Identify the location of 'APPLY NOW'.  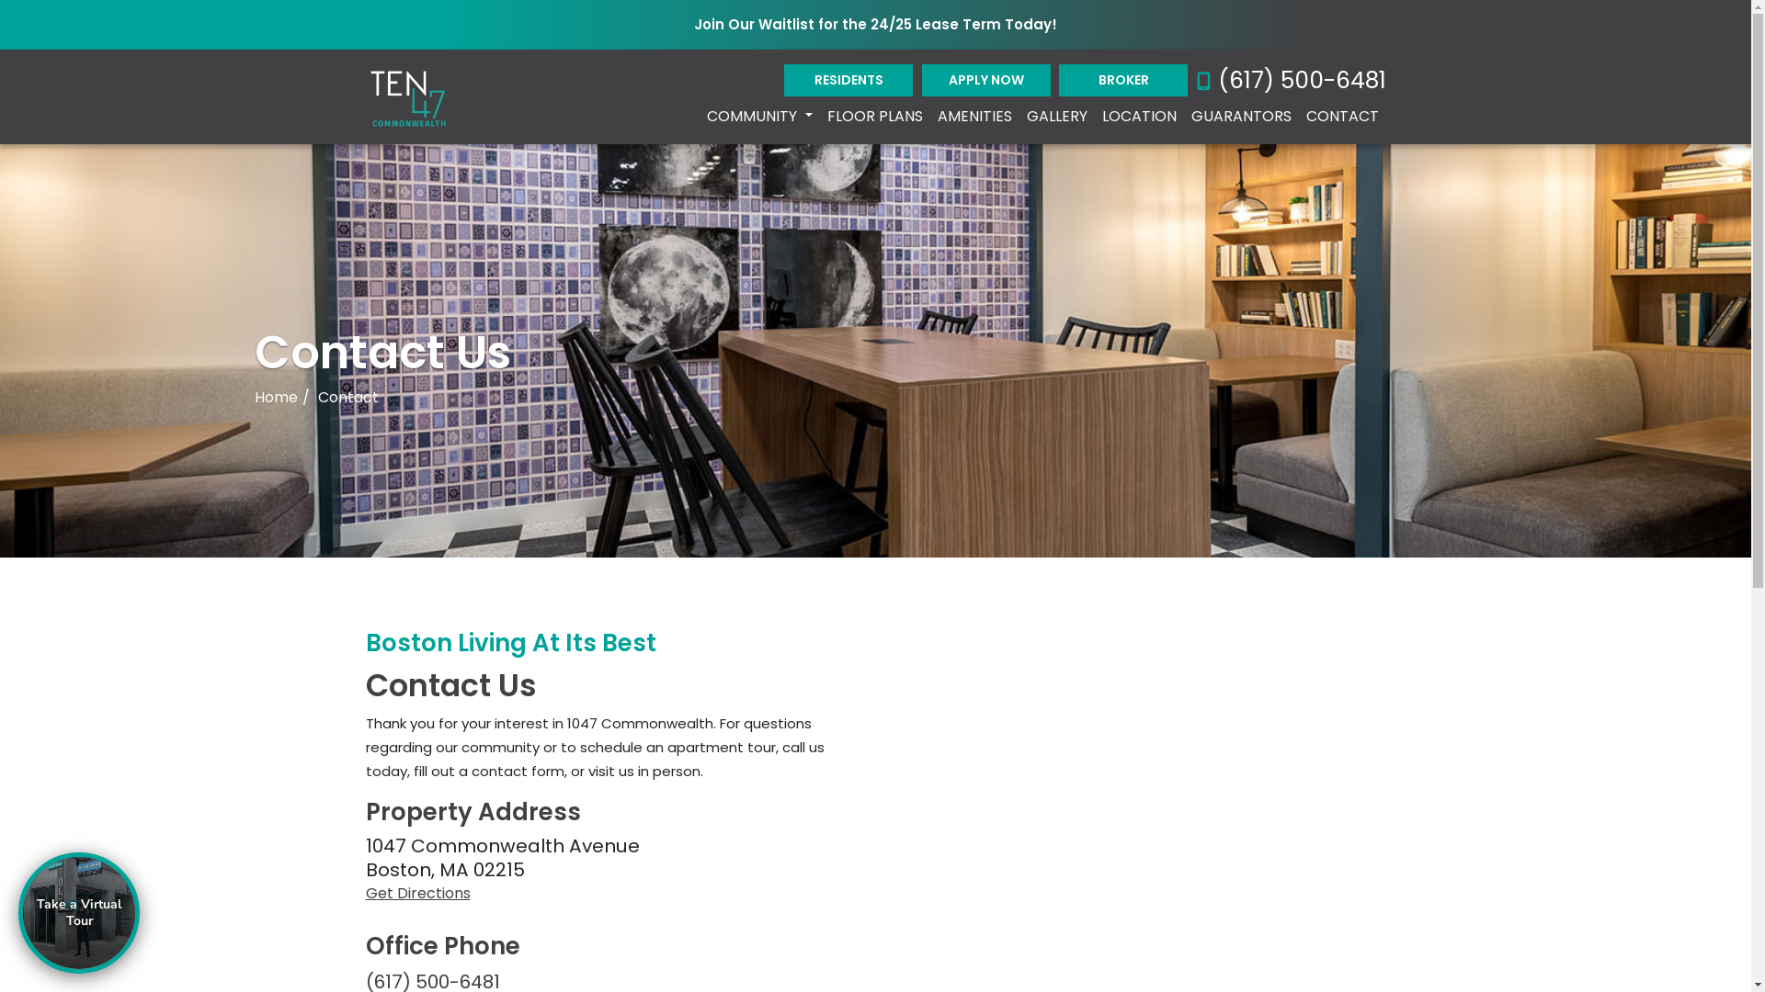
(985, 79).